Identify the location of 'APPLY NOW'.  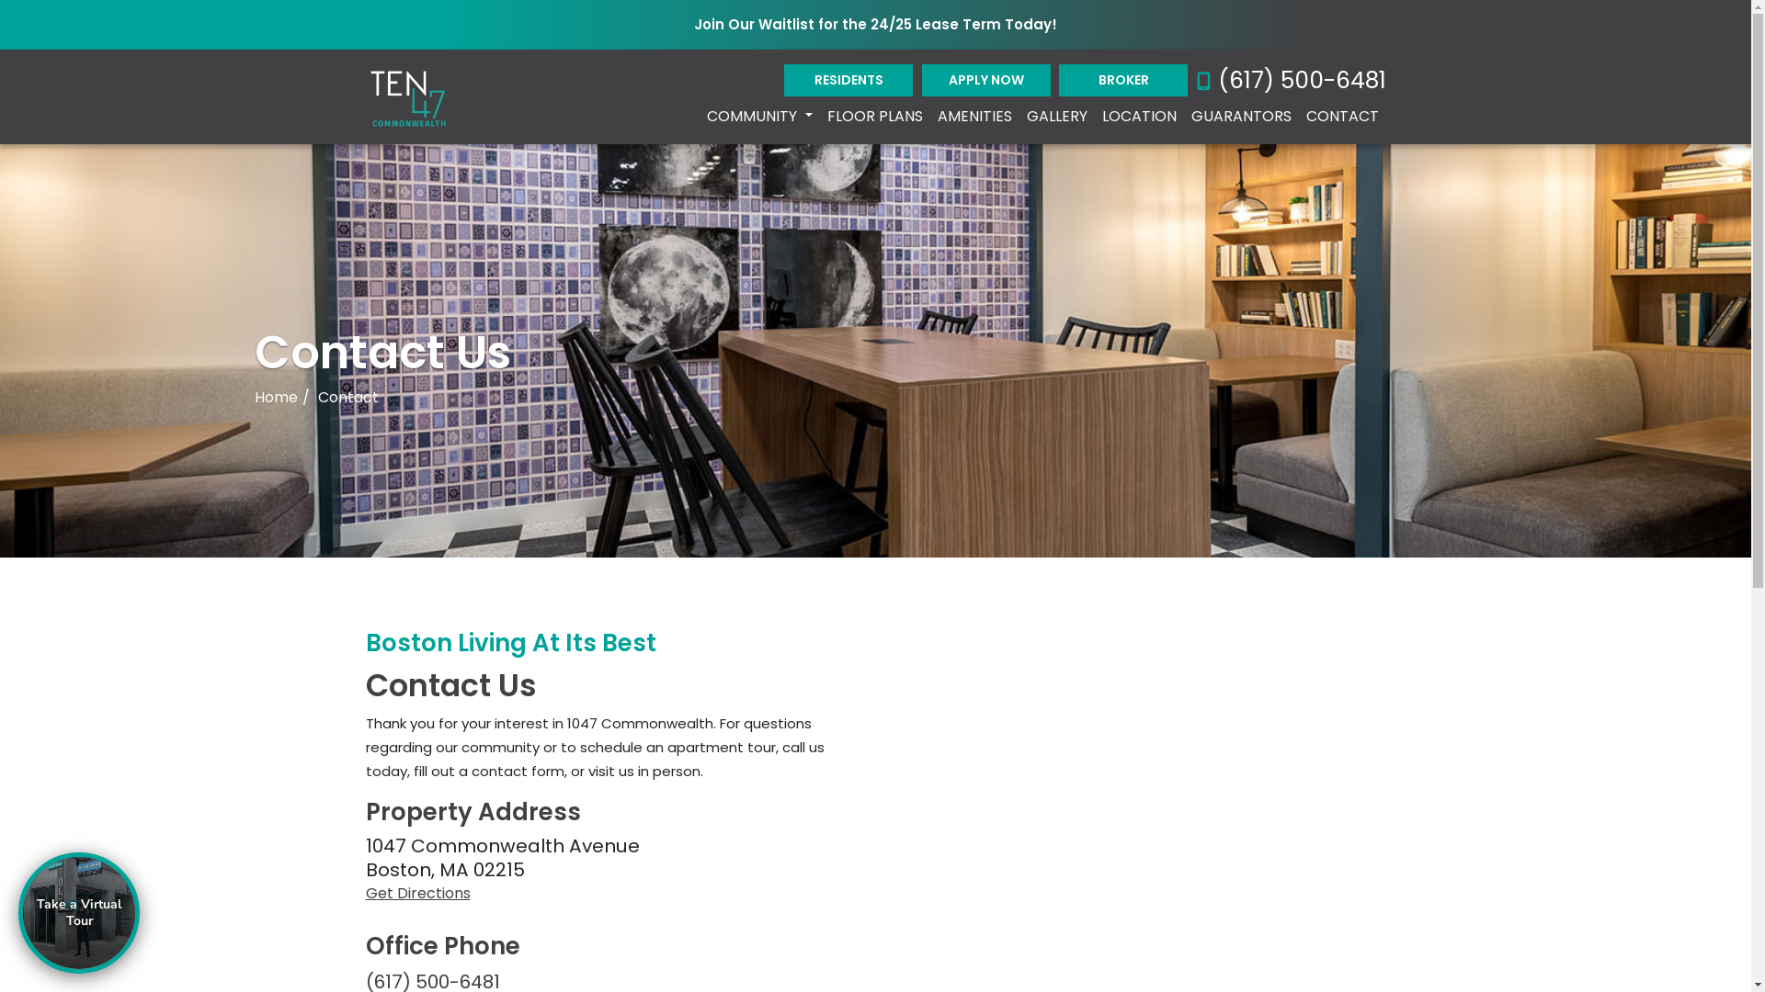
(985, 79).